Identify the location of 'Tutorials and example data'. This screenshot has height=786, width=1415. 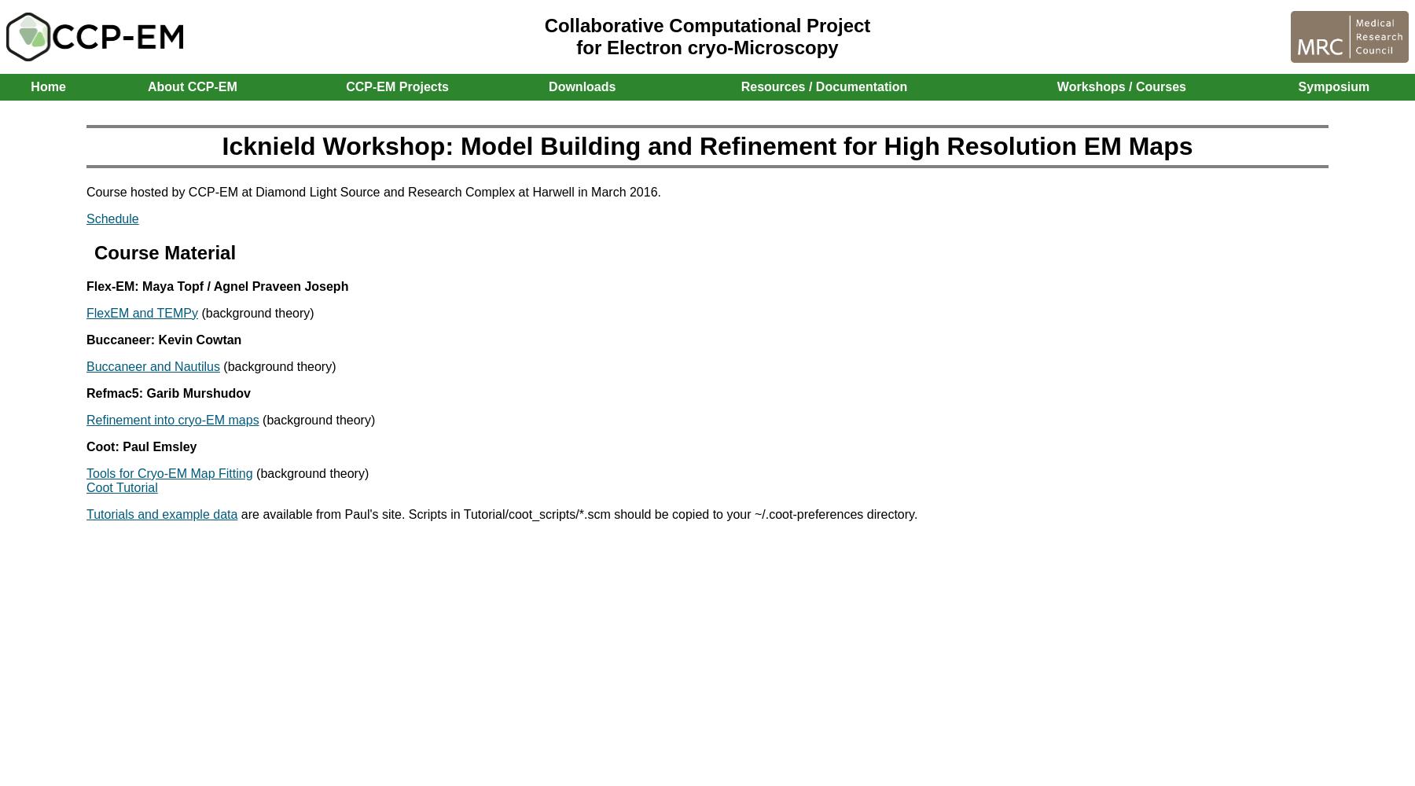
(161, 513).